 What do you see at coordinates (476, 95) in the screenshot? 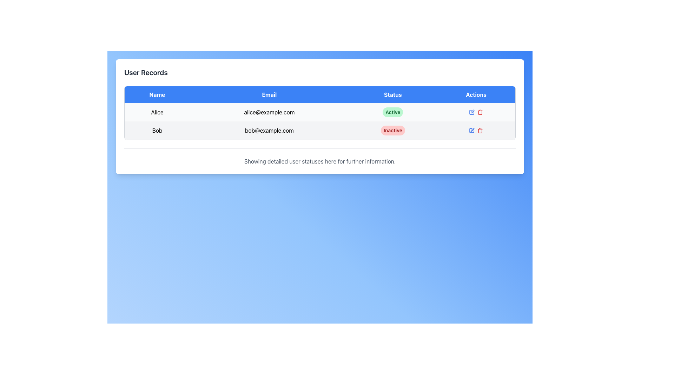
I see `the 'Actions' table header, which is the fourth header in the row, located to the right of the 'Status' header and above the user action icons` at bounding box center [476, 95].